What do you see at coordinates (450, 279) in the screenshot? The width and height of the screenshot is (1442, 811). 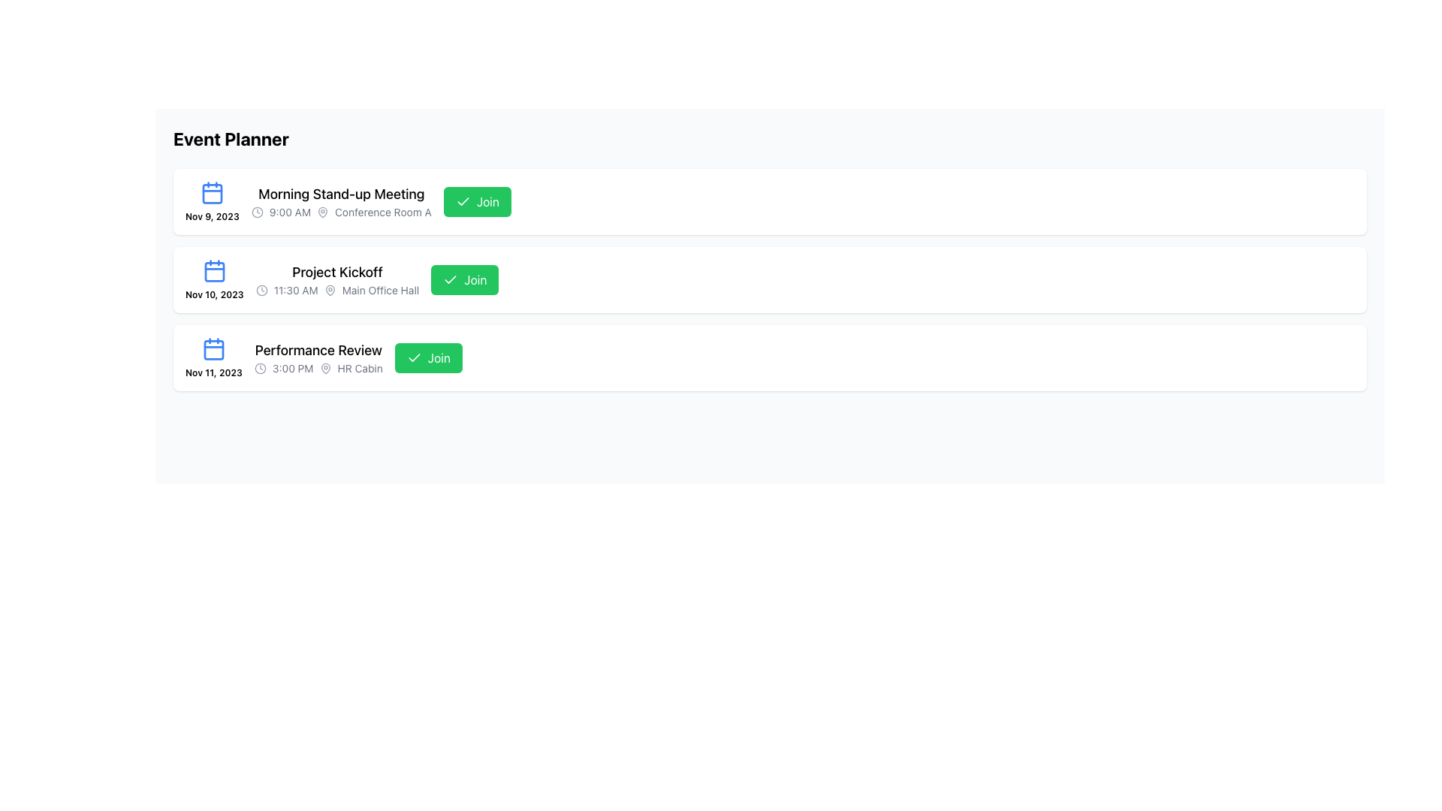 I see `the checkmark icon within the green 'Join' button for the 'Project Kickoff' event, which visually indicates a successful action related to the button's functionality` at bounding box center [450, 279].